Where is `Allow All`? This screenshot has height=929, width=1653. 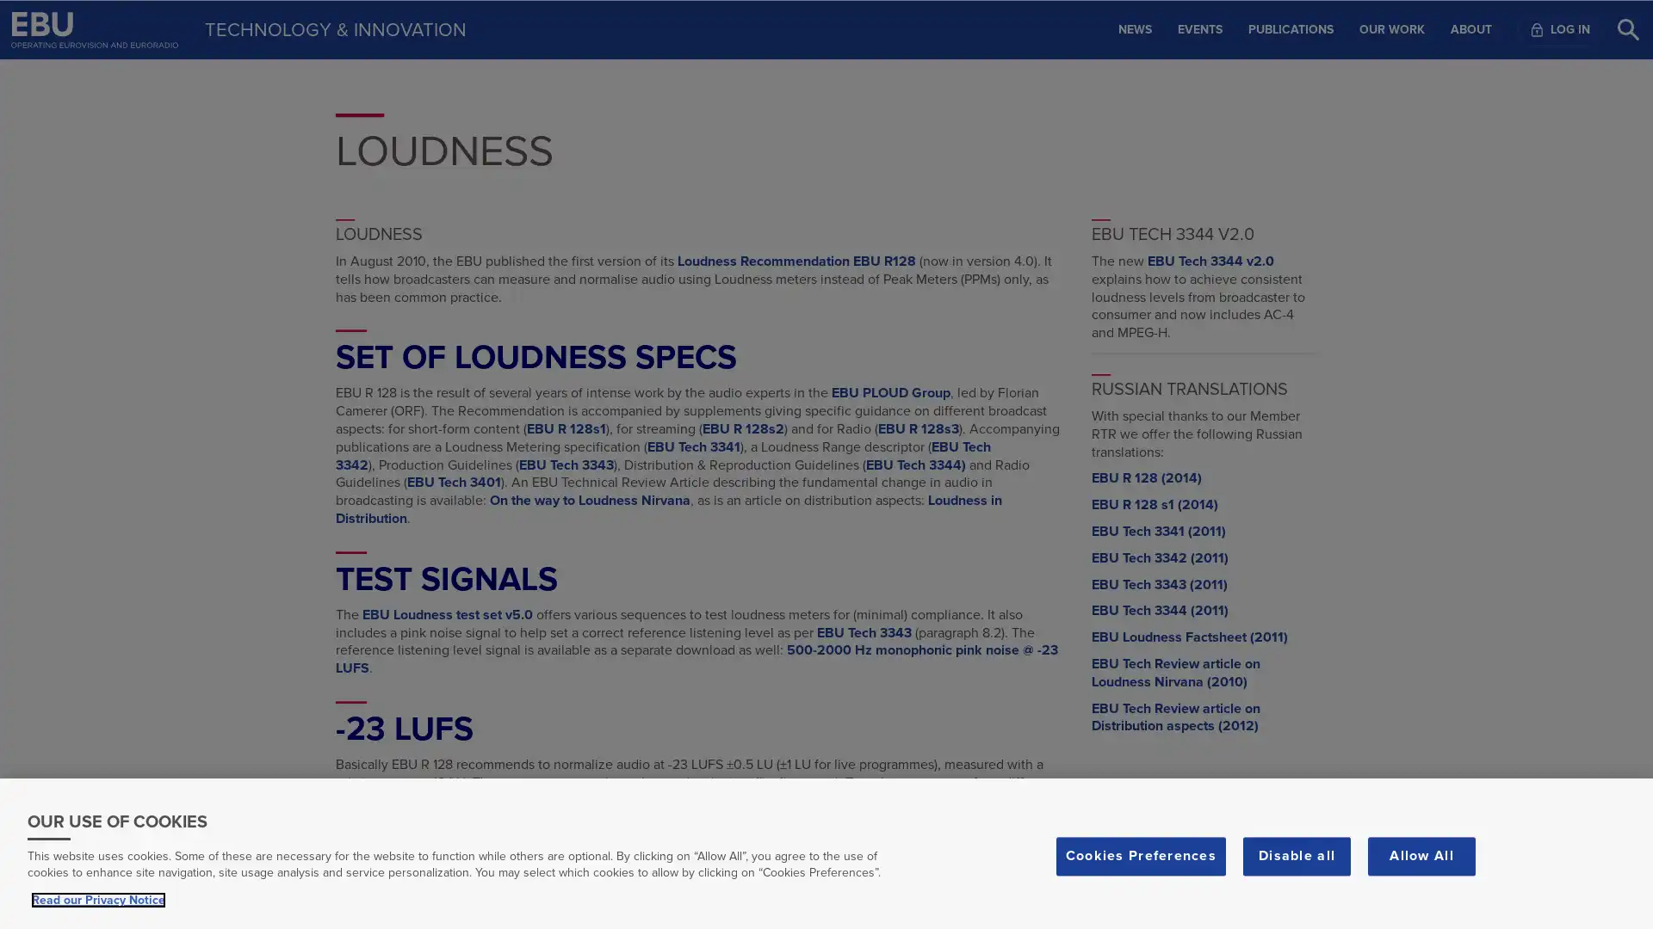
Allow All is located at coordinates (1421, 856).